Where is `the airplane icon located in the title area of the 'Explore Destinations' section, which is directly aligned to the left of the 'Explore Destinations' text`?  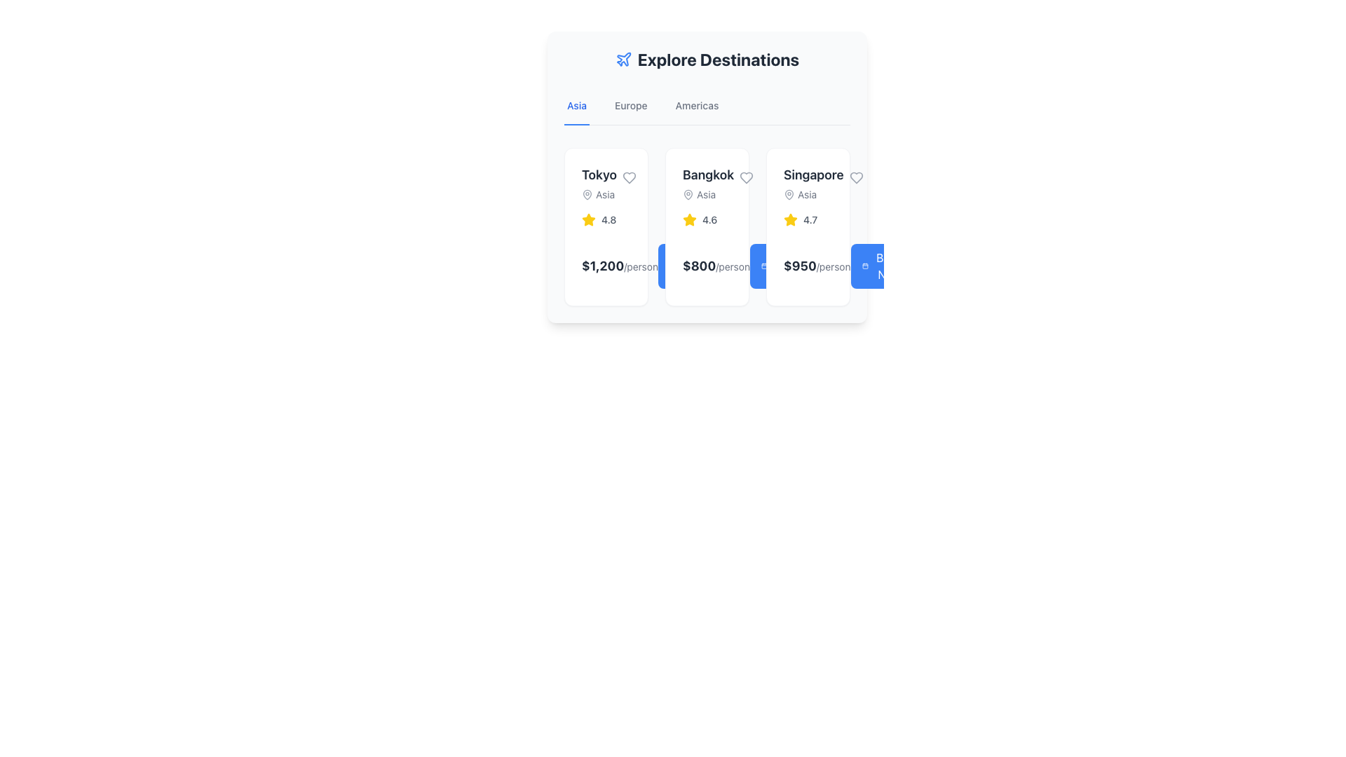 the airplane icon located in the title area of the 'Explore Destinations' section, which is directly aligned to the left of the 'Explore Destinations' text is located at coordinates (623, 58).